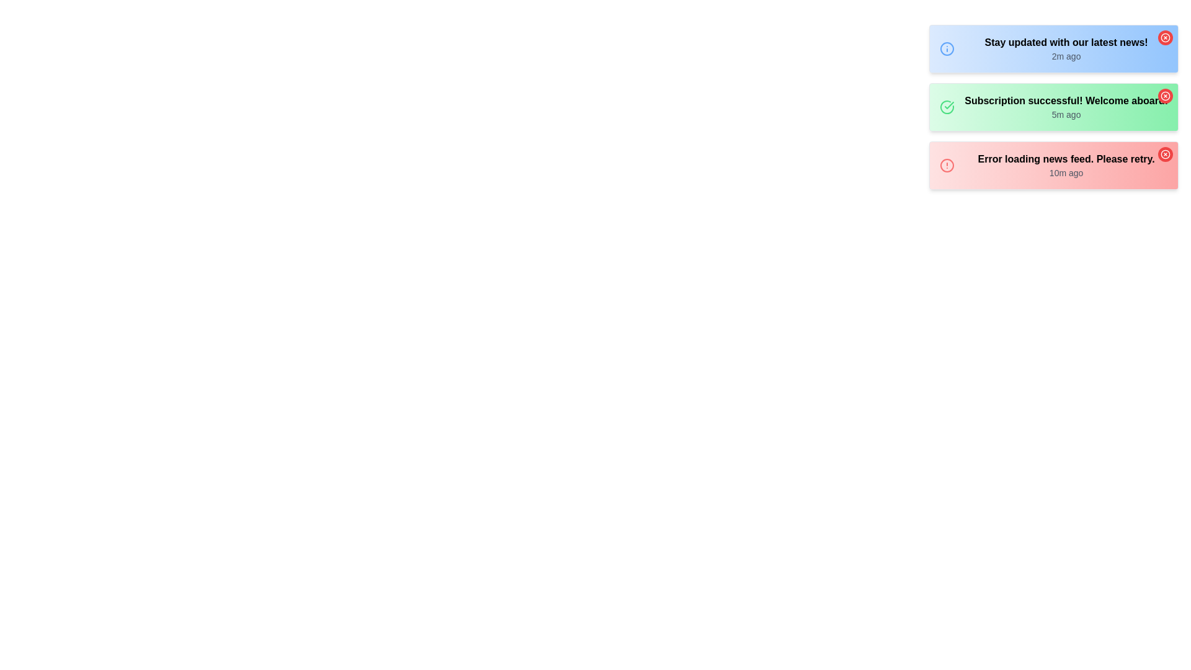 This screenshot has height=670, width=1191. Describe the element at coordinates (1066, 159) in the screenshot. I see `the error message text label indicating a loading issue for the news feed` at that location.